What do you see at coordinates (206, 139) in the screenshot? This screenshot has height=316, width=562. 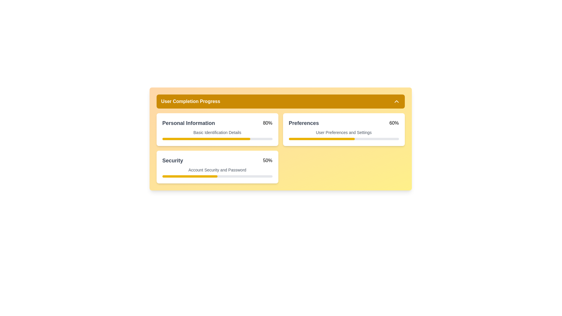 I see `the yellow-filled progress bar segment within the 'Personal Information' card, which is visually integrated into a larger progress bar component` at bounding box center [206, 139].